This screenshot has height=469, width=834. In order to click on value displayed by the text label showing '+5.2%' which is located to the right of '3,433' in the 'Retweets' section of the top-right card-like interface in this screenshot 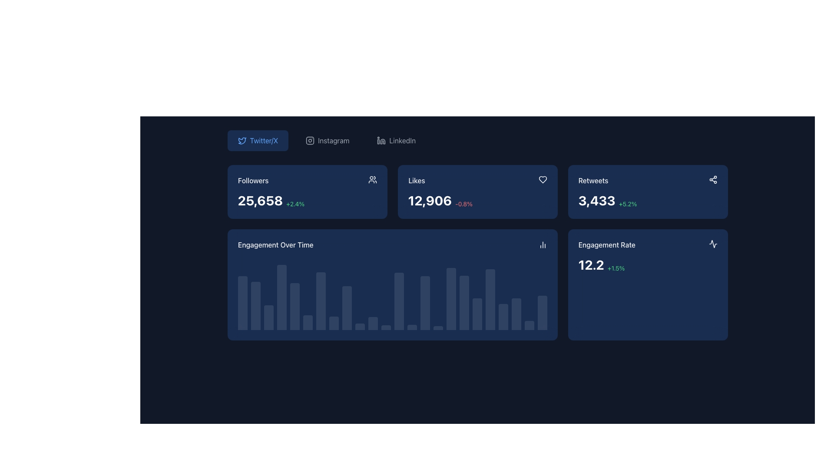, I will do `click(628, 204)`.